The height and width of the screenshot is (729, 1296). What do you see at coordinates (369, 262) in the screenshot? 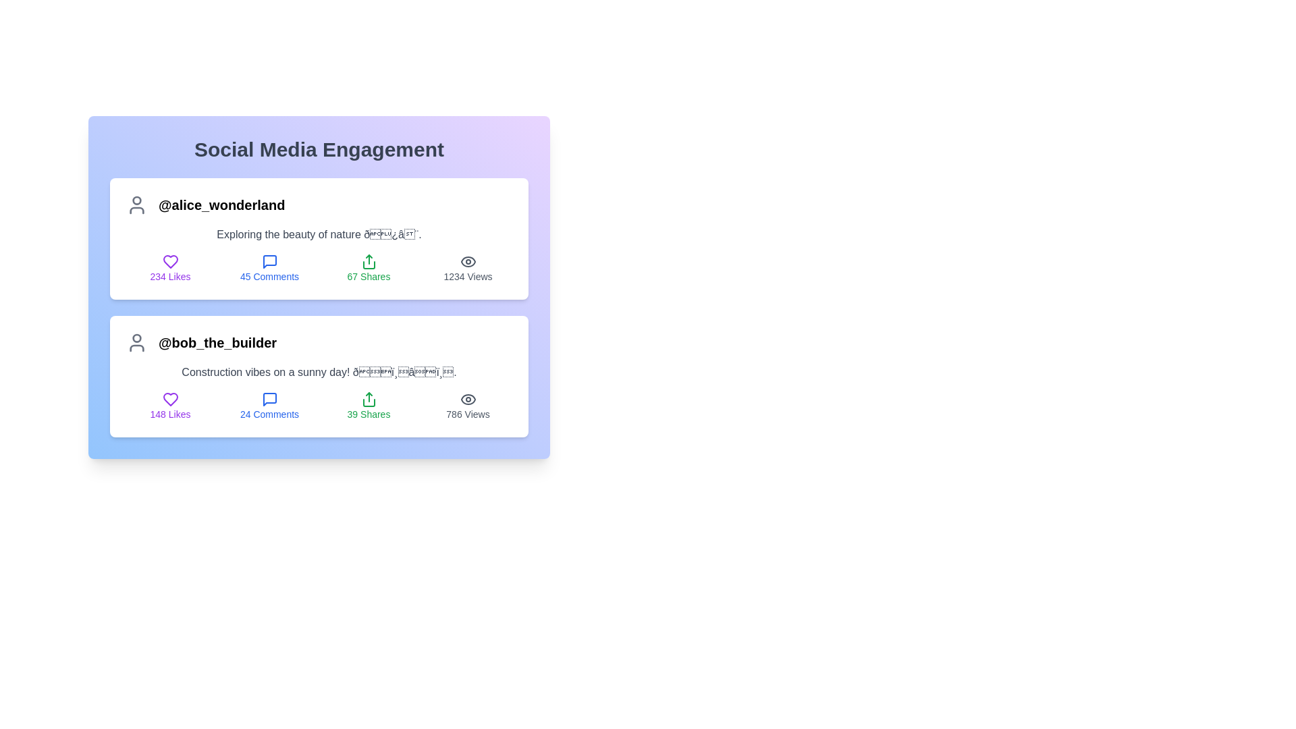
I see `the share icon button with a green outline, which features an upward-pointing arrow` at bounding box center [369, 262].